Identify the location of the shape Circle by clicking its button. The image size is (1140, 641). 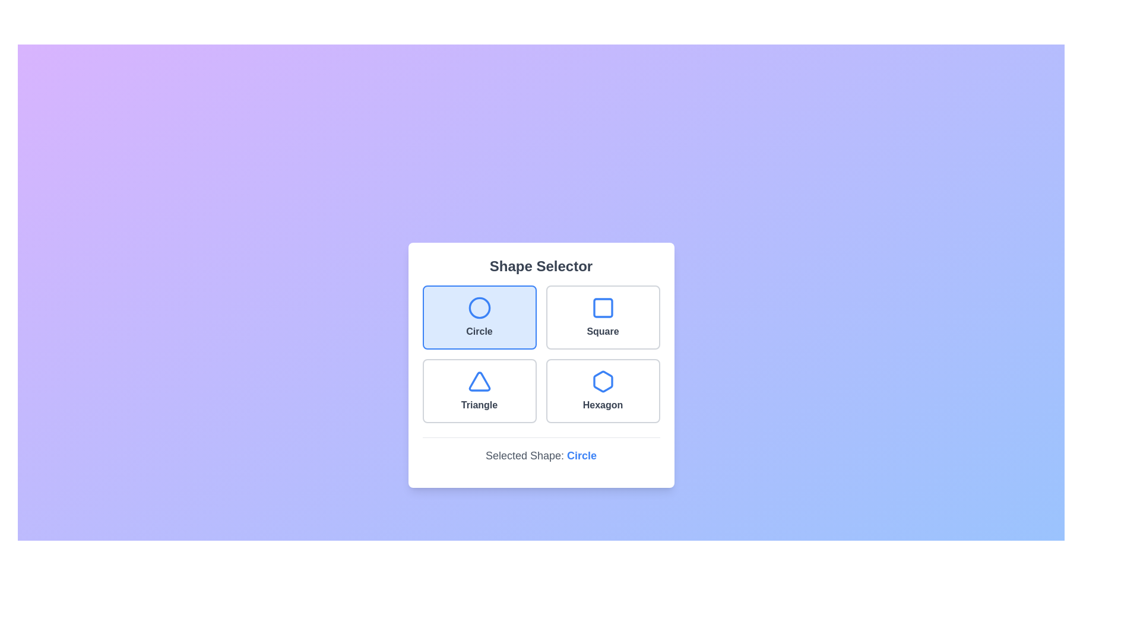
(479, 316).